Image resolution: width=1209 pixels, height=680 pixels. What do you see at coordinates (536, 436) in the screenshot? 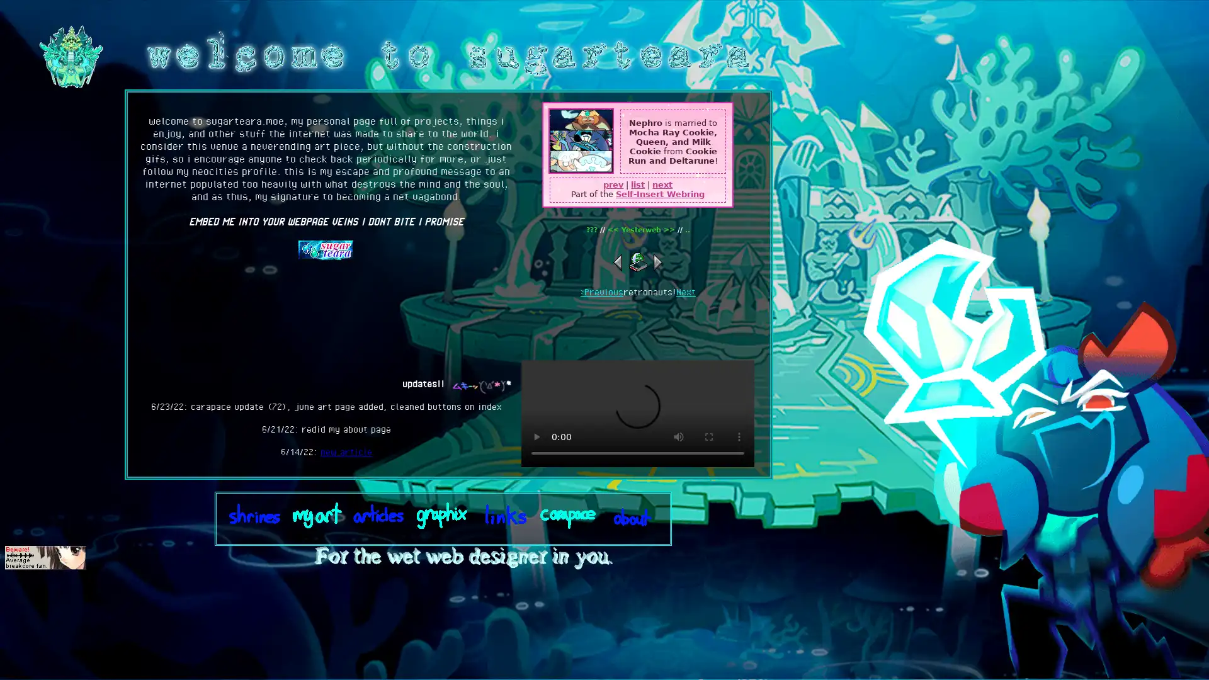
I see `play` at bounding box center [536, 436].